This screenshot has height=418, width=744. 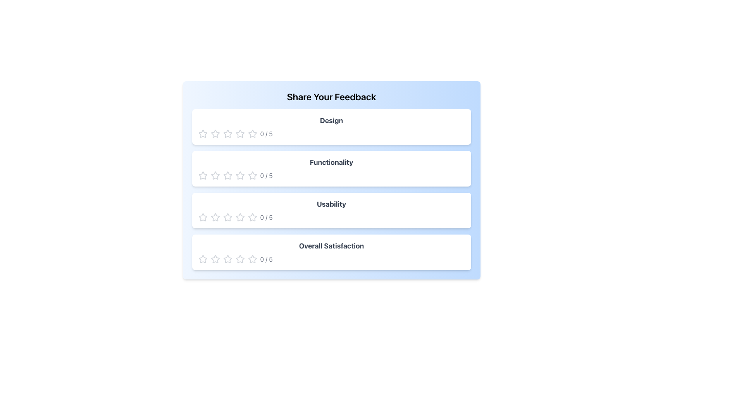 What do you see at coordinates (215, 176) in the screenshot?
I see `the second star icon in the 'Functionality' rating section` at bounding box center [215, 176].